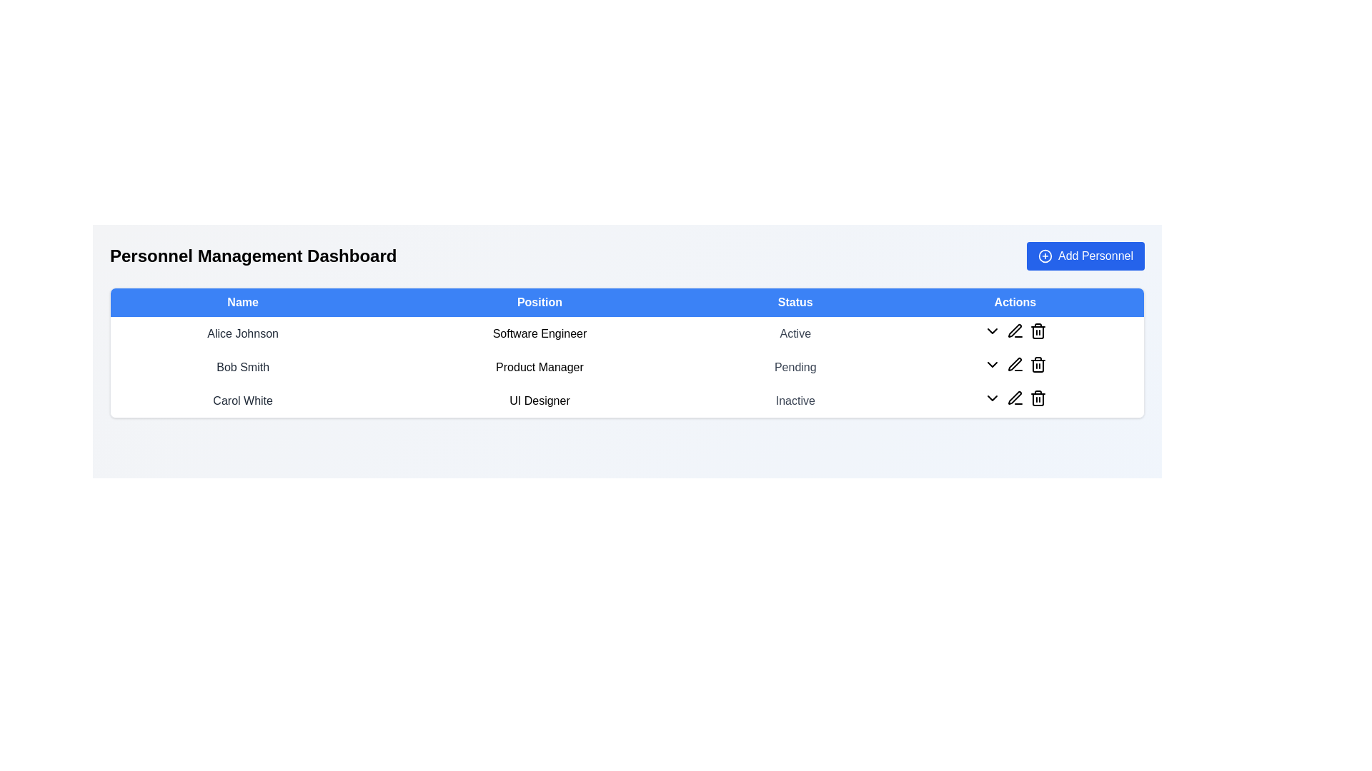 The width and height of the screenshot is (1372, 771). I want to click on the Text label displaying the name of the individual in the personnel list, located in the leftmost column of the third row, under the header 'Name', so click(243, 400).